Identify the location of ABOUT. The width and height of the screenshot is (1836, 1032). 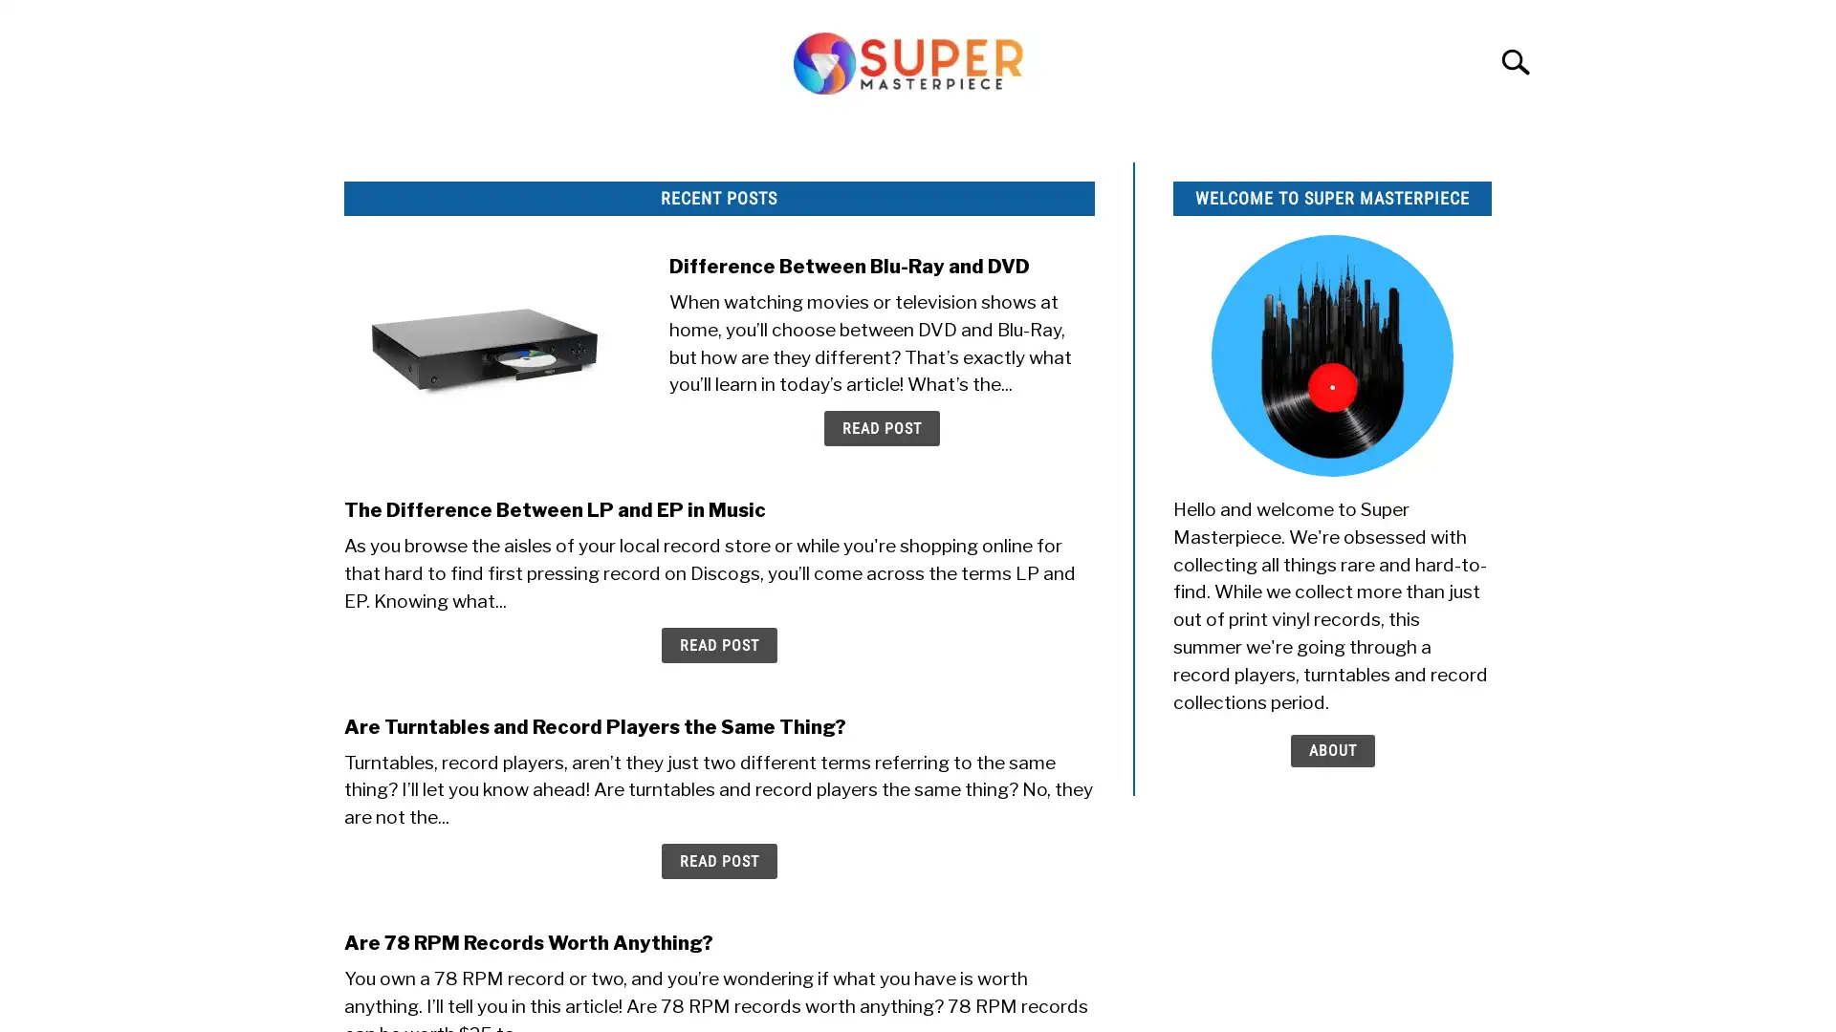
(1330, 750).